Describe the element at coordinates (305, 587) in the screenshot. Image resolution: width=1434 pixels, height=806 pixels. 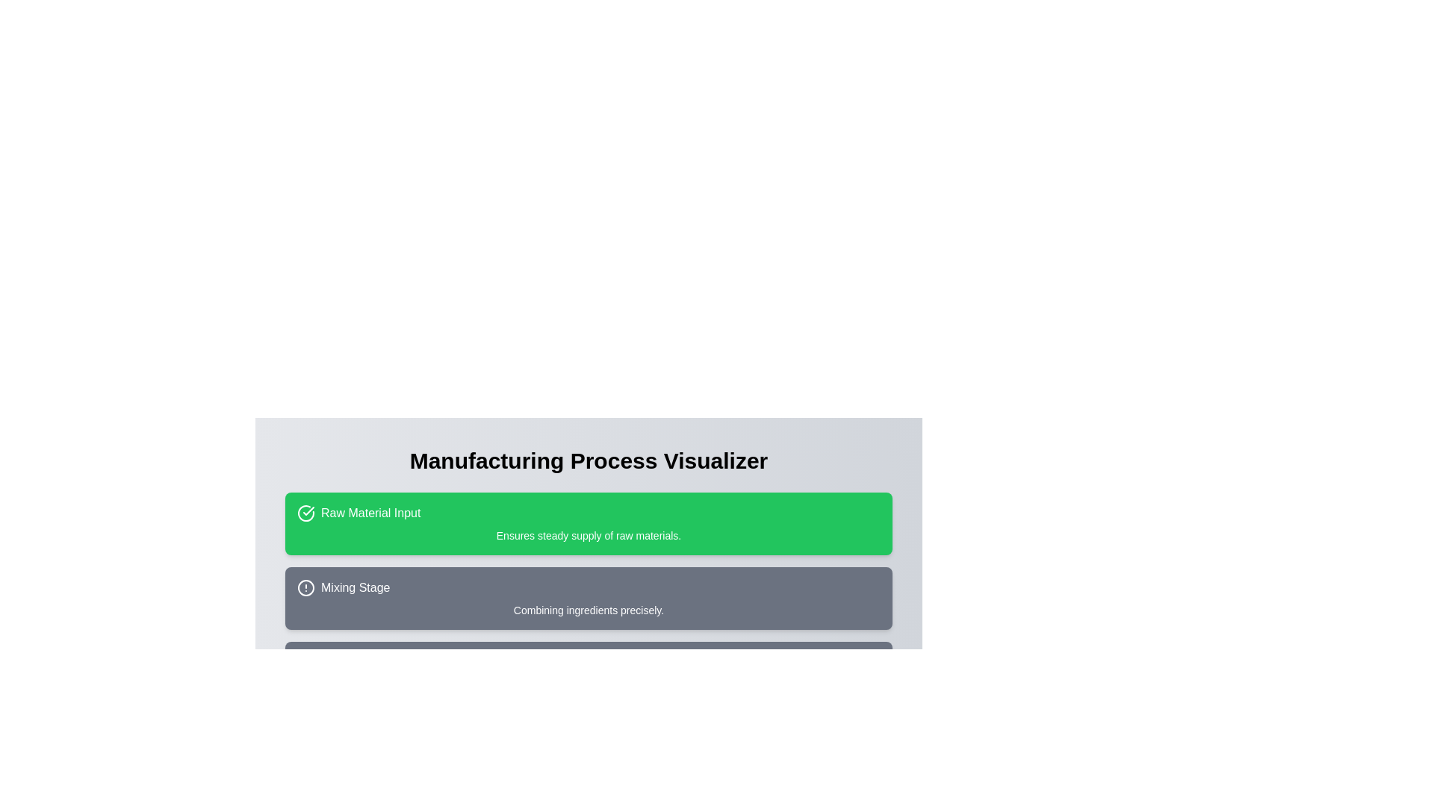
I see `the Alert Icon representing an alert or warning message for the 'Mixing Stage' process, located to the left of the 'Mixing Stage' text in the 'Manufacturing Process Visualizer' interface` at that location.